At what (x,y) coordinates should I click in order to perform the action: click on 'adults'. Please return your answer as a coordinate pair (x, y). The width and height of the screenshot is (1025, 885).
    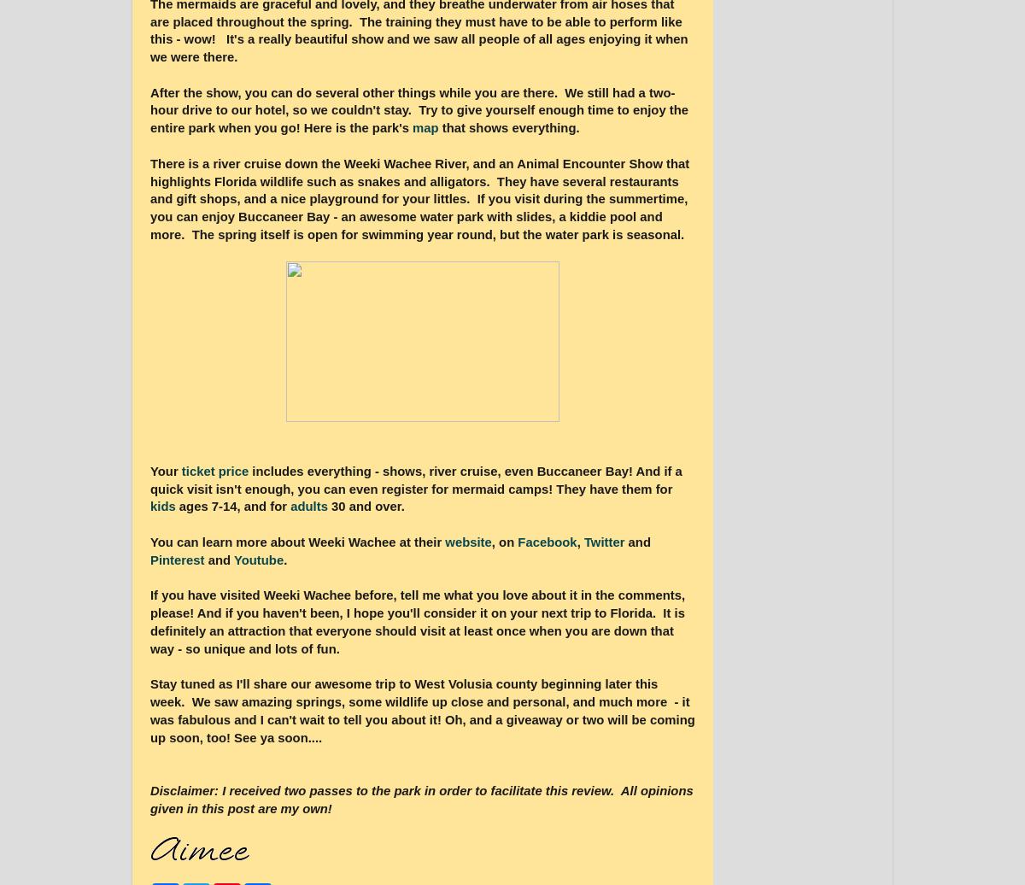
    Looking at the image, I should click on (310, 507).